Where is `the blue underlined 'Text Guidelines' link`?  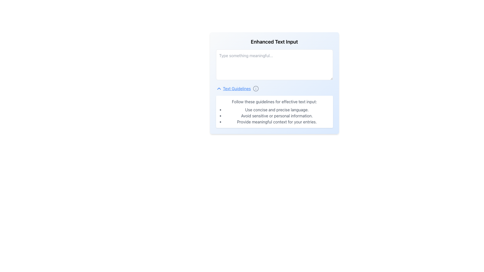 the blue underlined 'Text Guidelines' link is located at coordinates (233, 88).